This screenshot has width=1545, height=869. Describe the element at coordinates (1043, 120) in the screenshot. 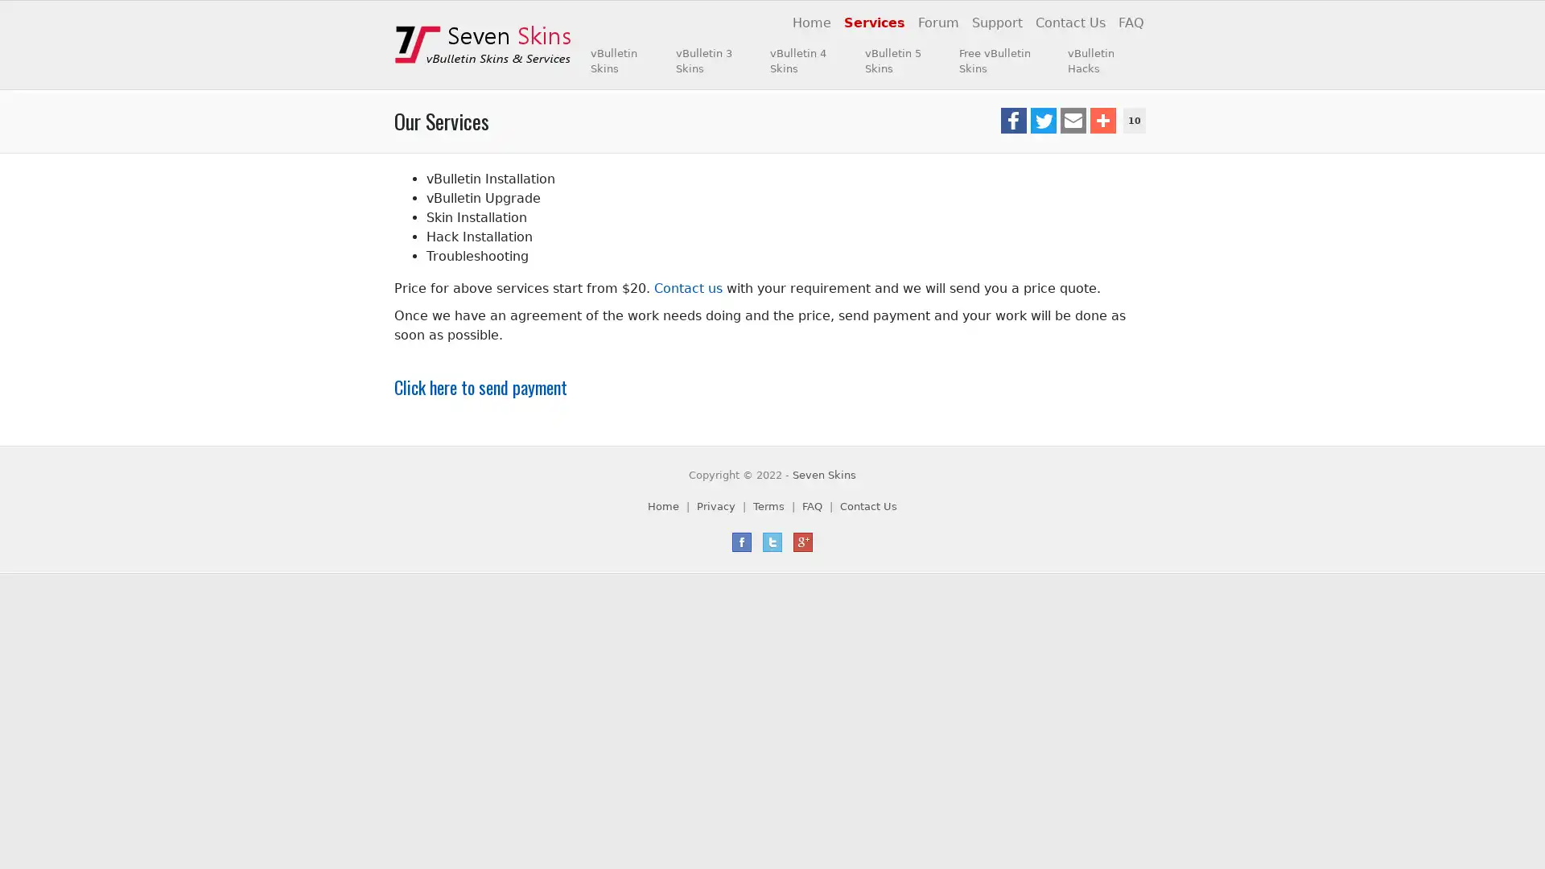

I see `Share to Twitter` at that location.